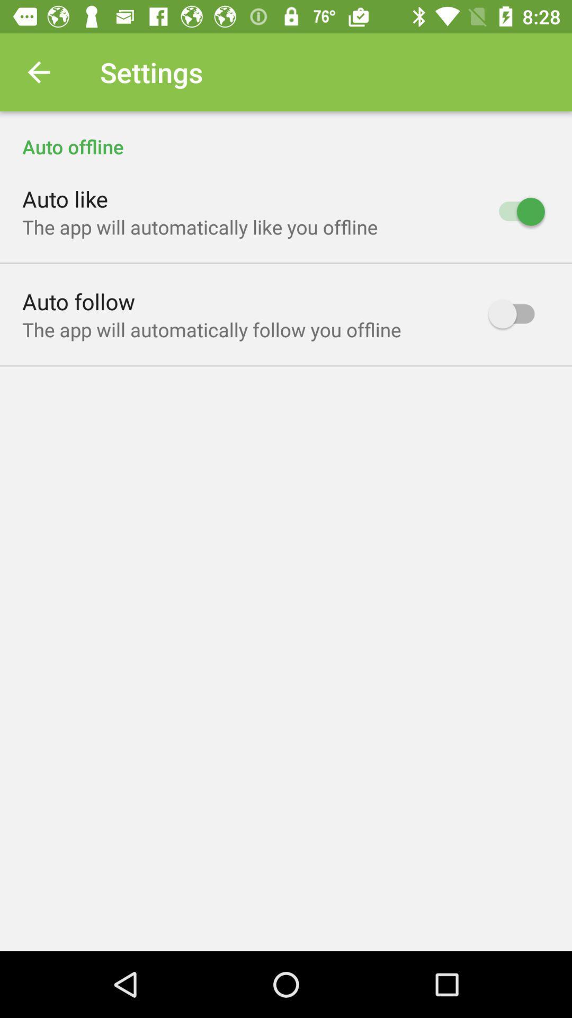 The image size is (572, 1018). What do you see at coordinates (78, 301) in the screenshot?
I see `the auto follow icon` at bounding box center [78, 301].